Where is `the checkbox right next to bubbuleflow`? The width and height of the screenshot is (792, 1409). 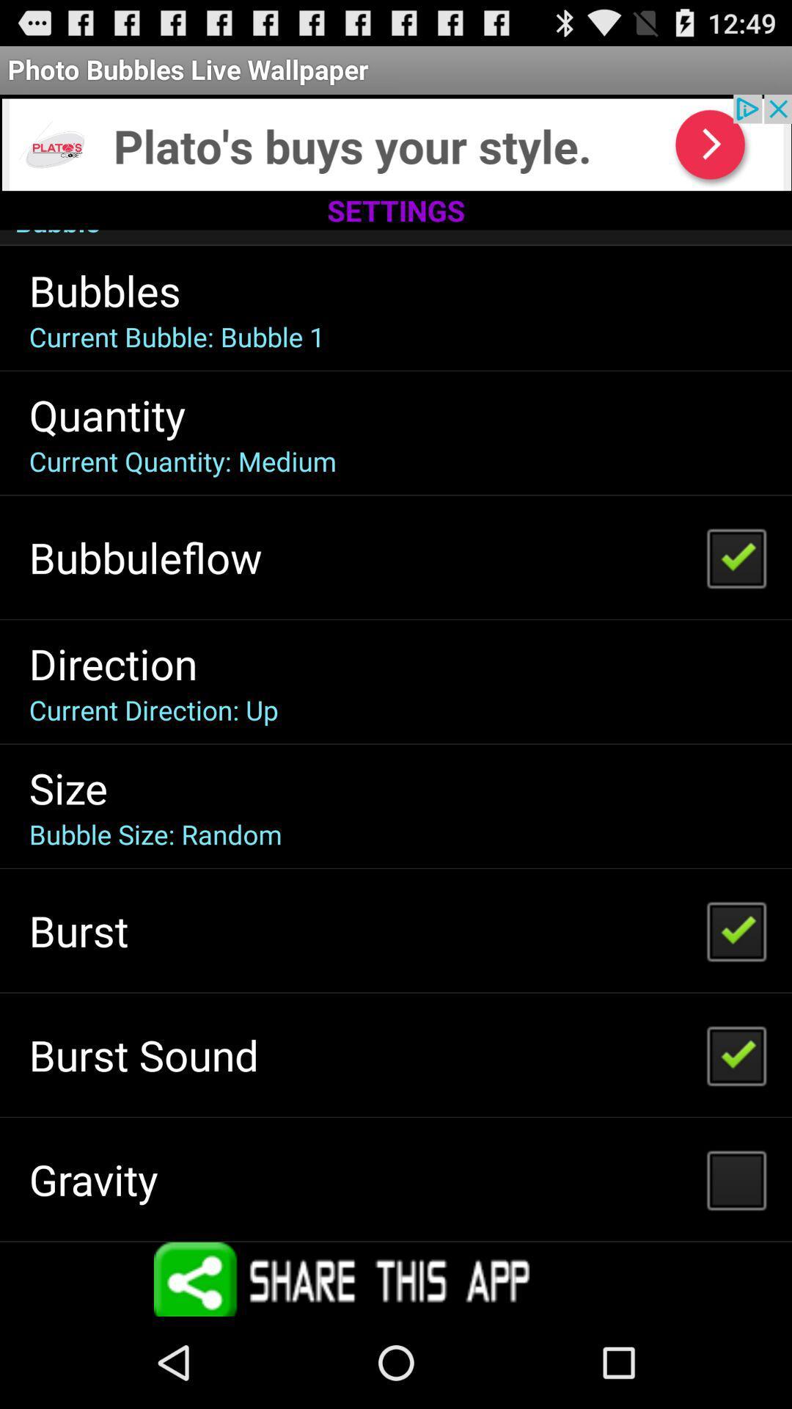
the checkbox right next to bubbuleflow is located at coordinates (736, 556).